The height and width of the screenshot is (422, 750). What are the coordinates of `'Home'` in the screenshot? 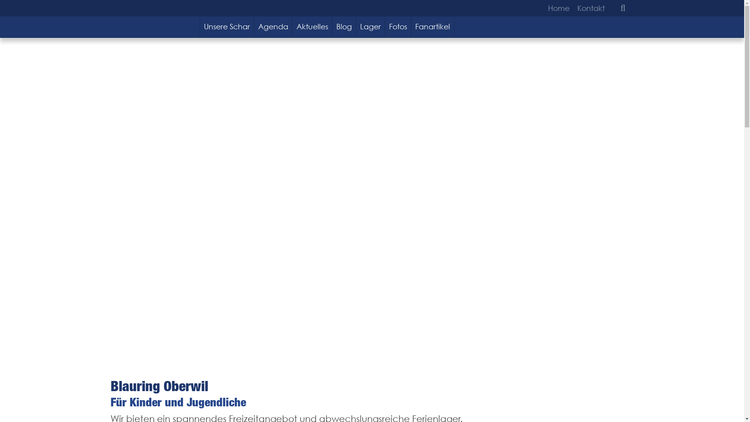 It's located at (560, 8).